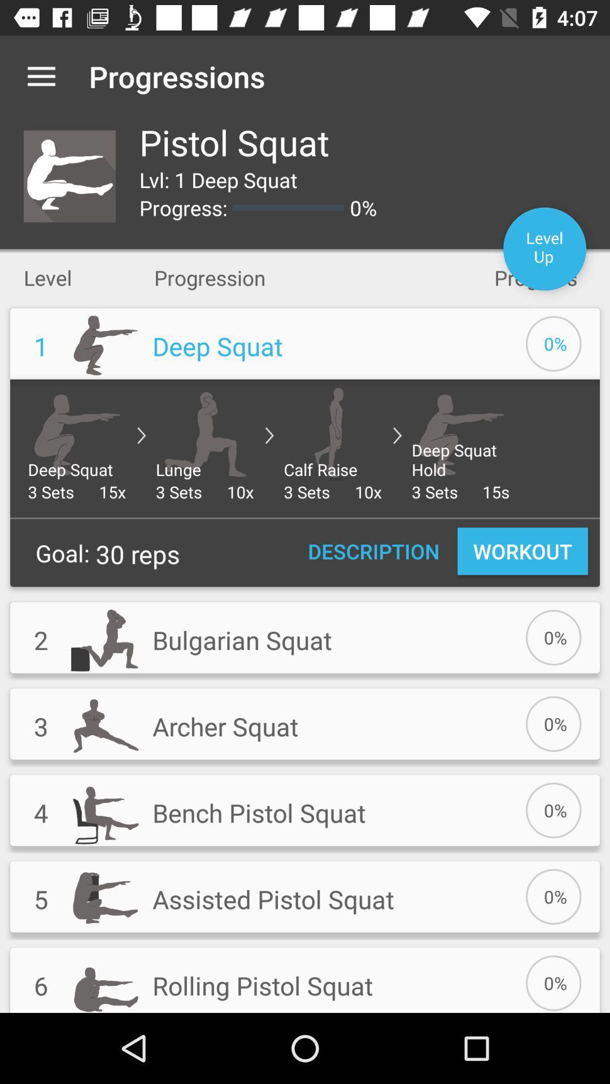  What do you see at coordinates (41, 76) in the screenshot?
I see `the item next to the progressions item` at bounding box center [41, 76].